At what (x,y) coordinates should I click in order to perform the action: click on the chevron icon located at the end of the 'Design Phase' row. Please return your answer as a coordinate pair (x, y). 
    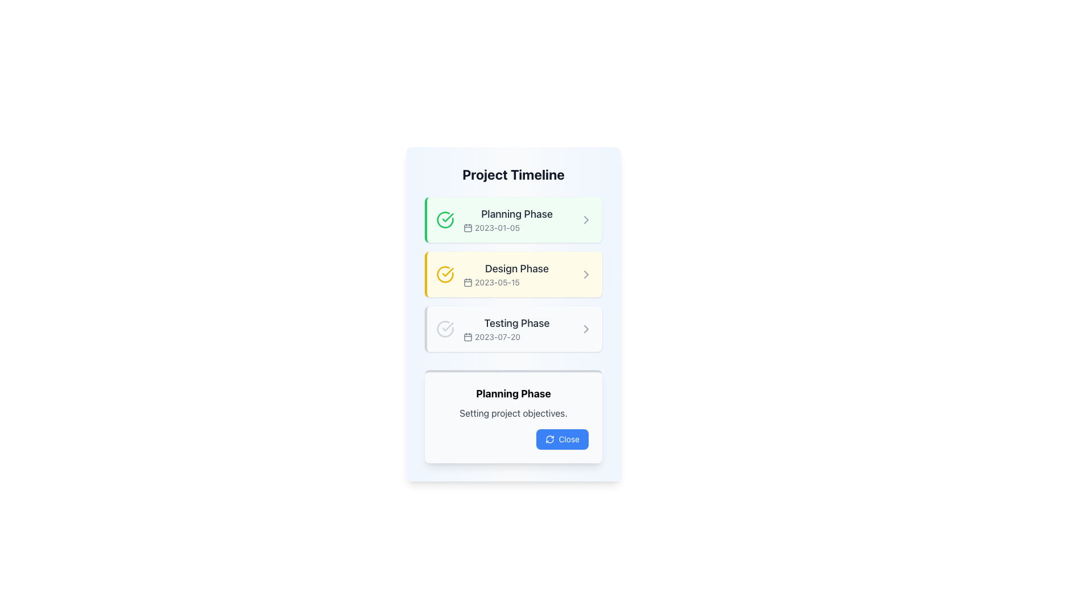
    Looking at the image, I should click on (586, 274).